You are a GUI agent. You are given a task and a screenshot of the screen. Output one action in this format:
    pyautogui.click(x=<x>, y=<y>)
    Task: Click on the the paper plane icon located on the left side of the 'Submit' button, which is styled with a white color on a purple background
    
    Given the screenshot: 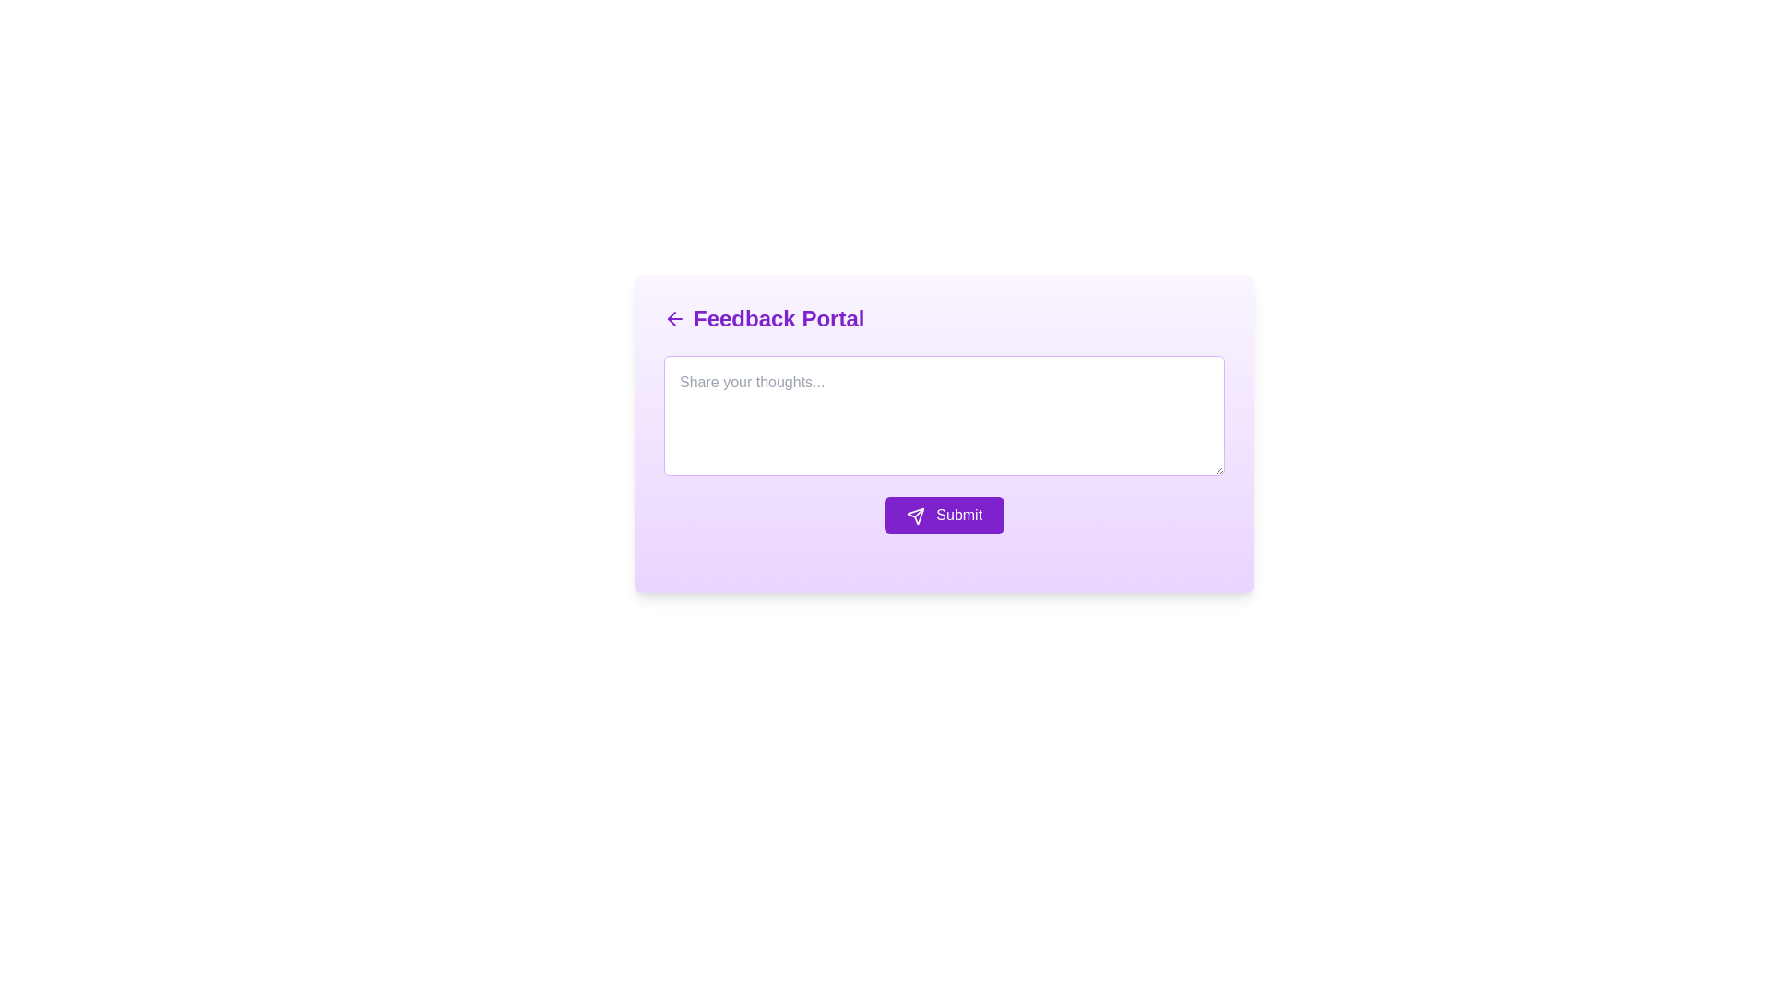 What is the action you would take?
    pyautogui.click(x=915, y=516)
    